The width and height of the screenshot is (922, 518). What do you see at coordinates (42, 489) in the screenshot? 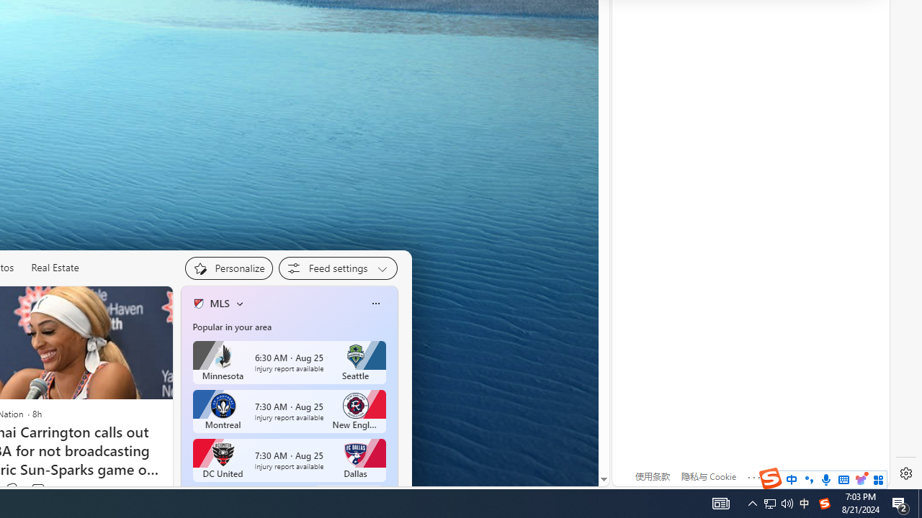
I see `'View comments 7 Comment'` at bounding box center [42, 489].